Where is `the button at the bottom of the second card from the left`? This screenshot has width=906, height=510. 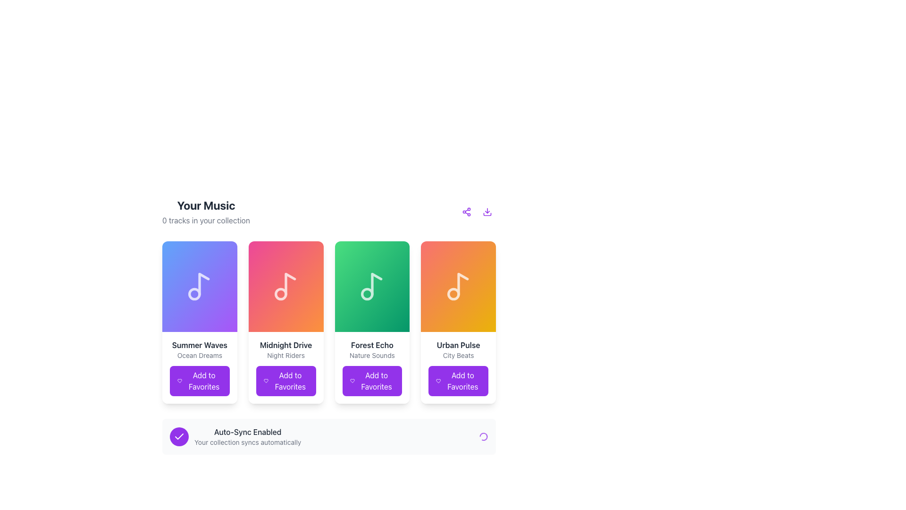
the button at the bottom of the second card from the left is located at coordinates (285, 380).